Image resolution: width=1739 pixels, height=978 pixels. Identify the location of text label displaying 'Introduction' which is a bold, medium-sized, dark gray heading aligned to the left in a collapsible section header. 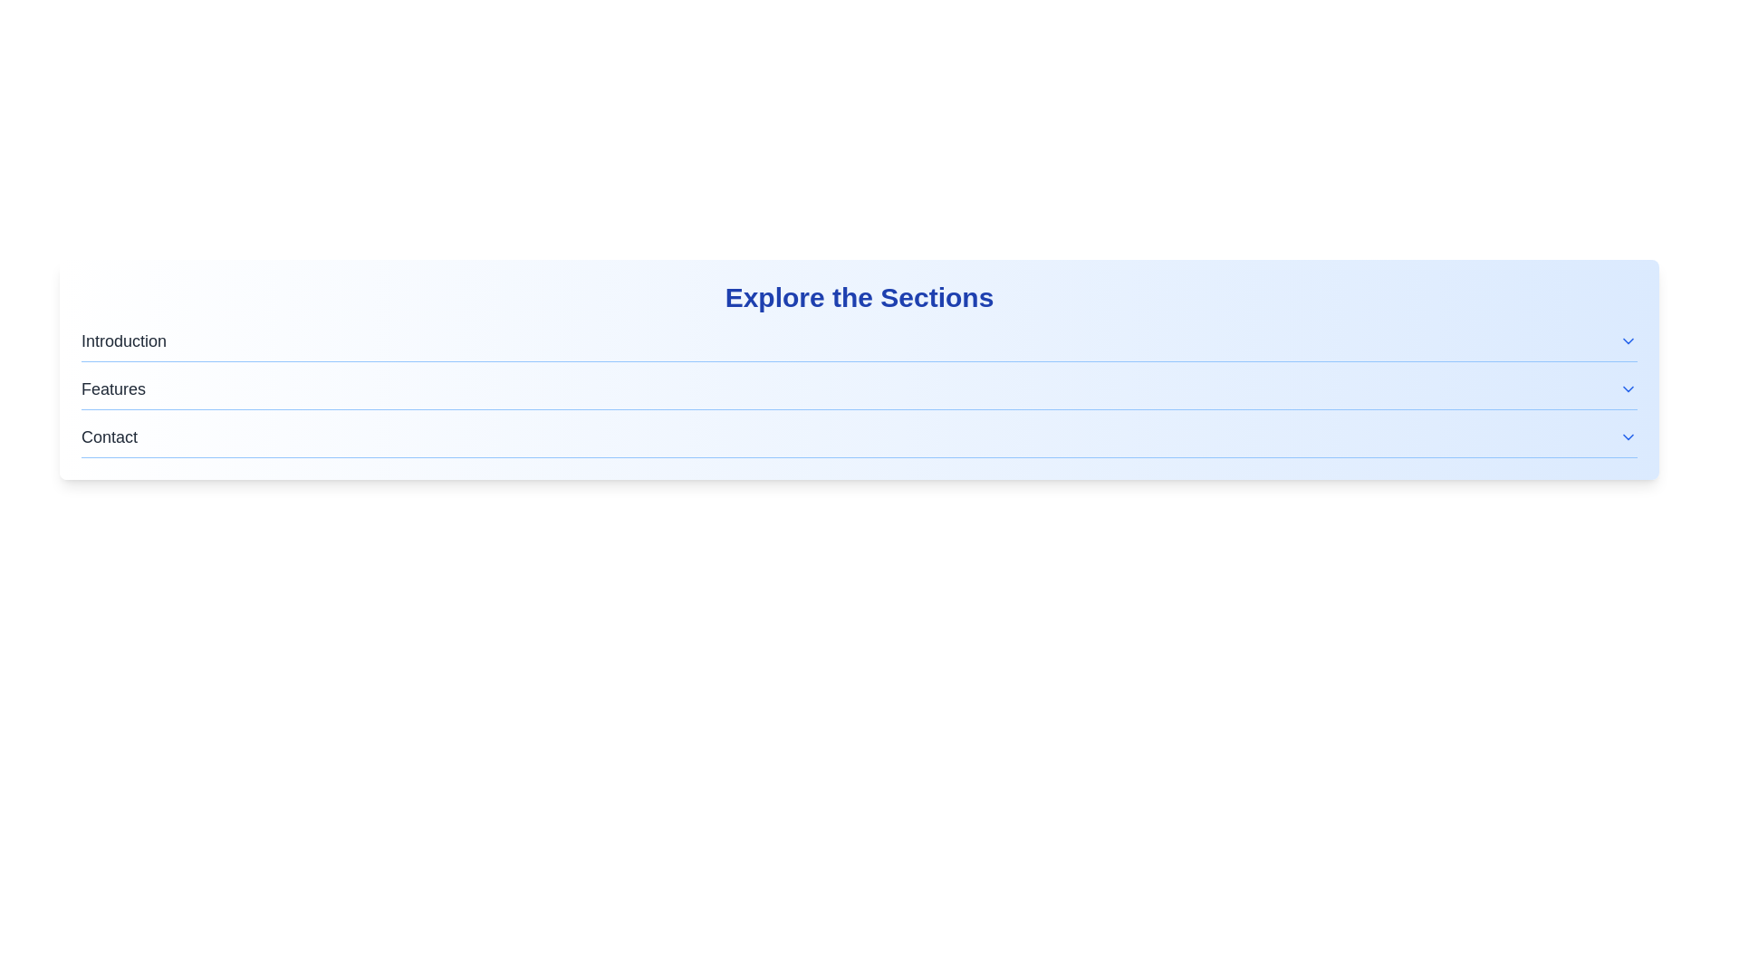
(123, 341).